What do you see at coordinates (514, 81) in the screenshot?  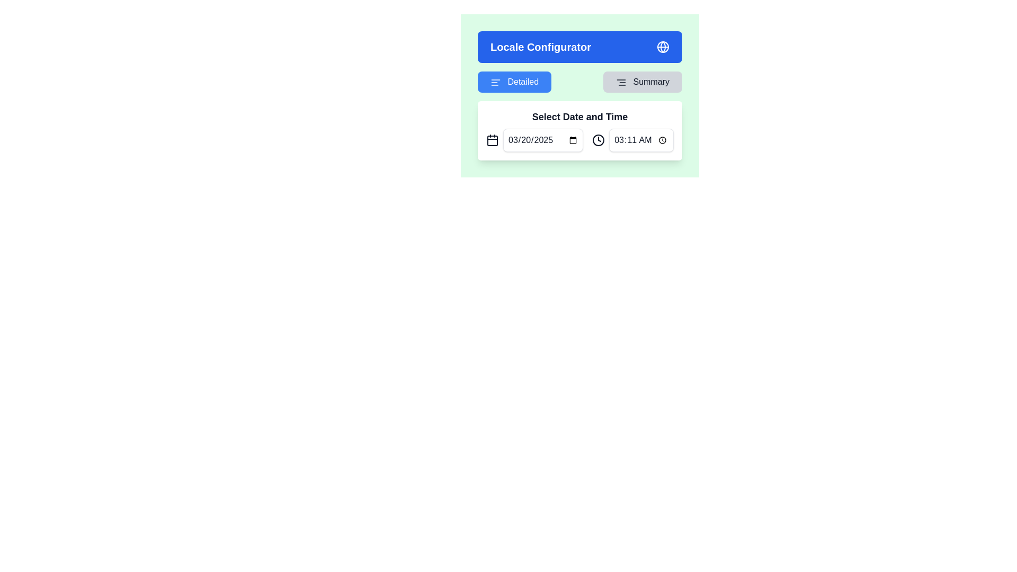 I see `the blue rectangular button labeled 'Detailed' for keyboard interactions` at bounding box center [514, 81].